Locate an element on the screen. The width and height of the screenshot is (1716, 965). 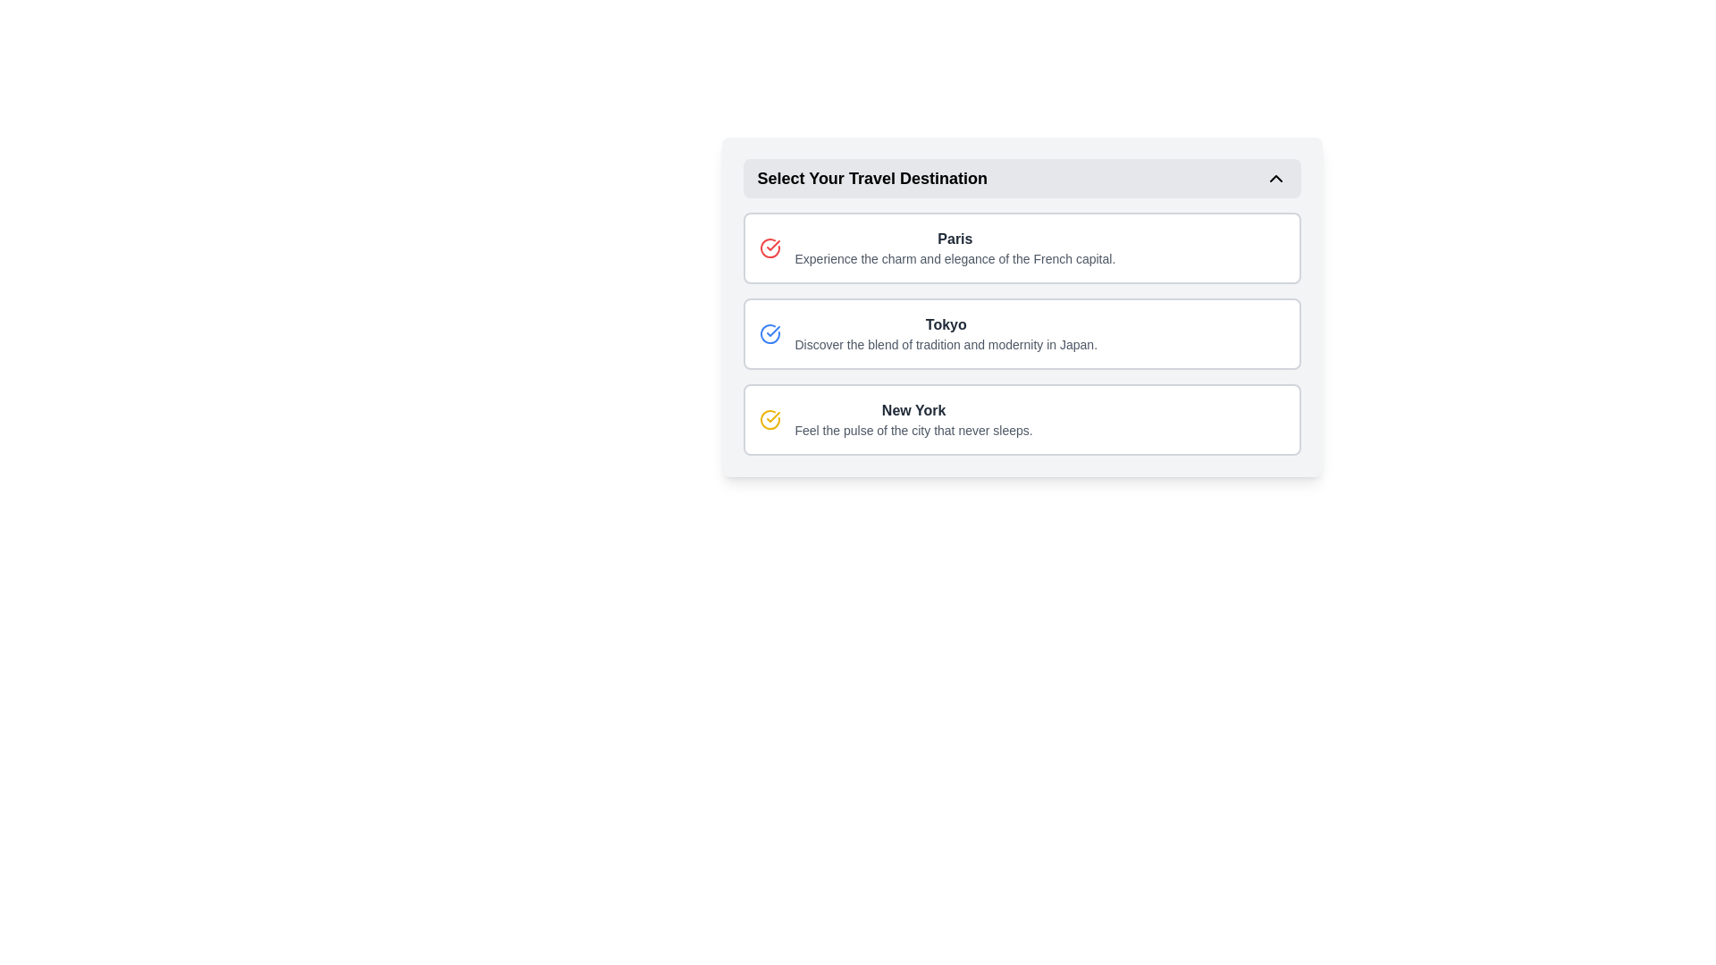
the text label displaying 'Discover the blend of tradition and modernity in Japan.' which is positioned below the title 'Tokyo' in the selection list is located at coordinates (945, 344).